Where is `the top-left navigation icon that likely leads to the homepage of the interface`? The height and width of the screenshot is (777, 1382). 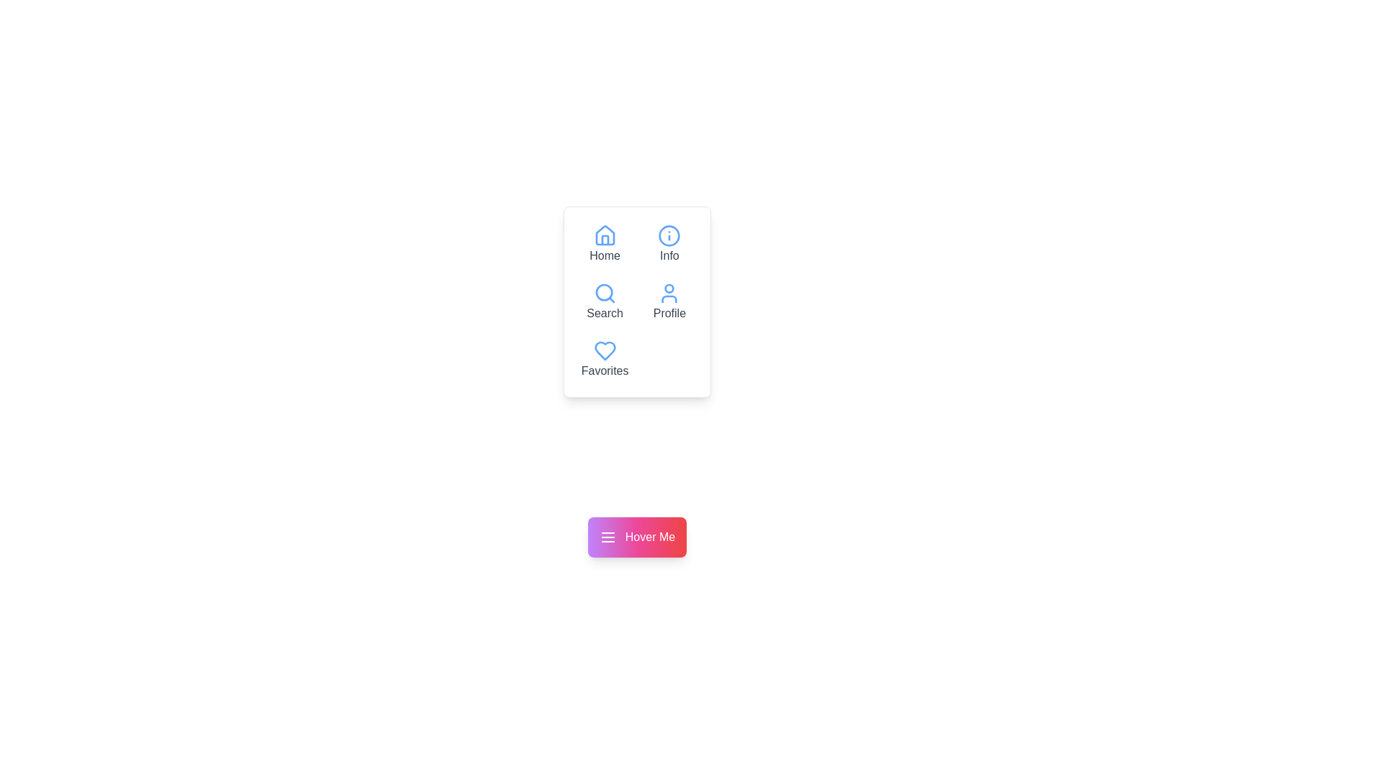 the top-left navigation icon that likely leads to the homepage of the interface is located at coordinates (605, 235).